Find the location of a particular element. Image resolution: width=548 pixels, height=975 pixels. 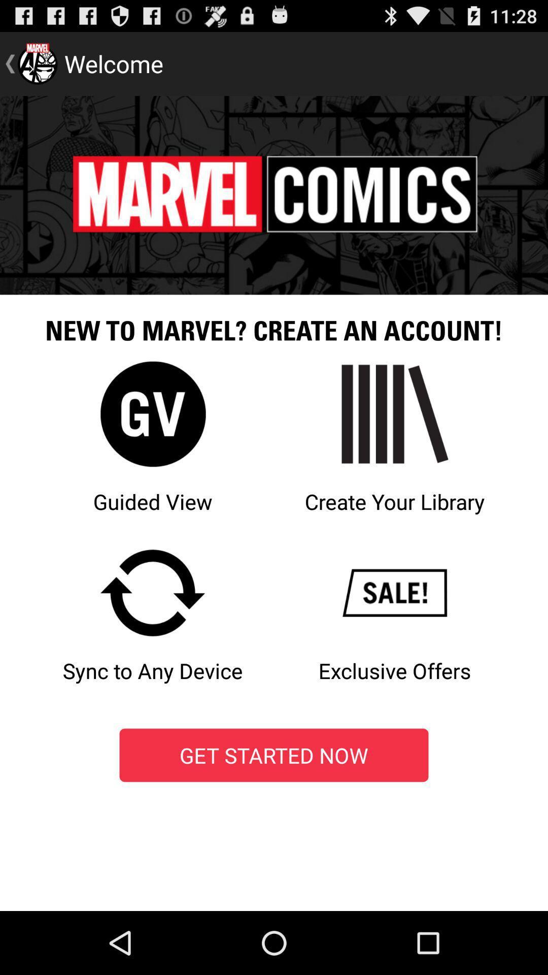

the icon below the sync to any icon is located at coordinates (274, 755).